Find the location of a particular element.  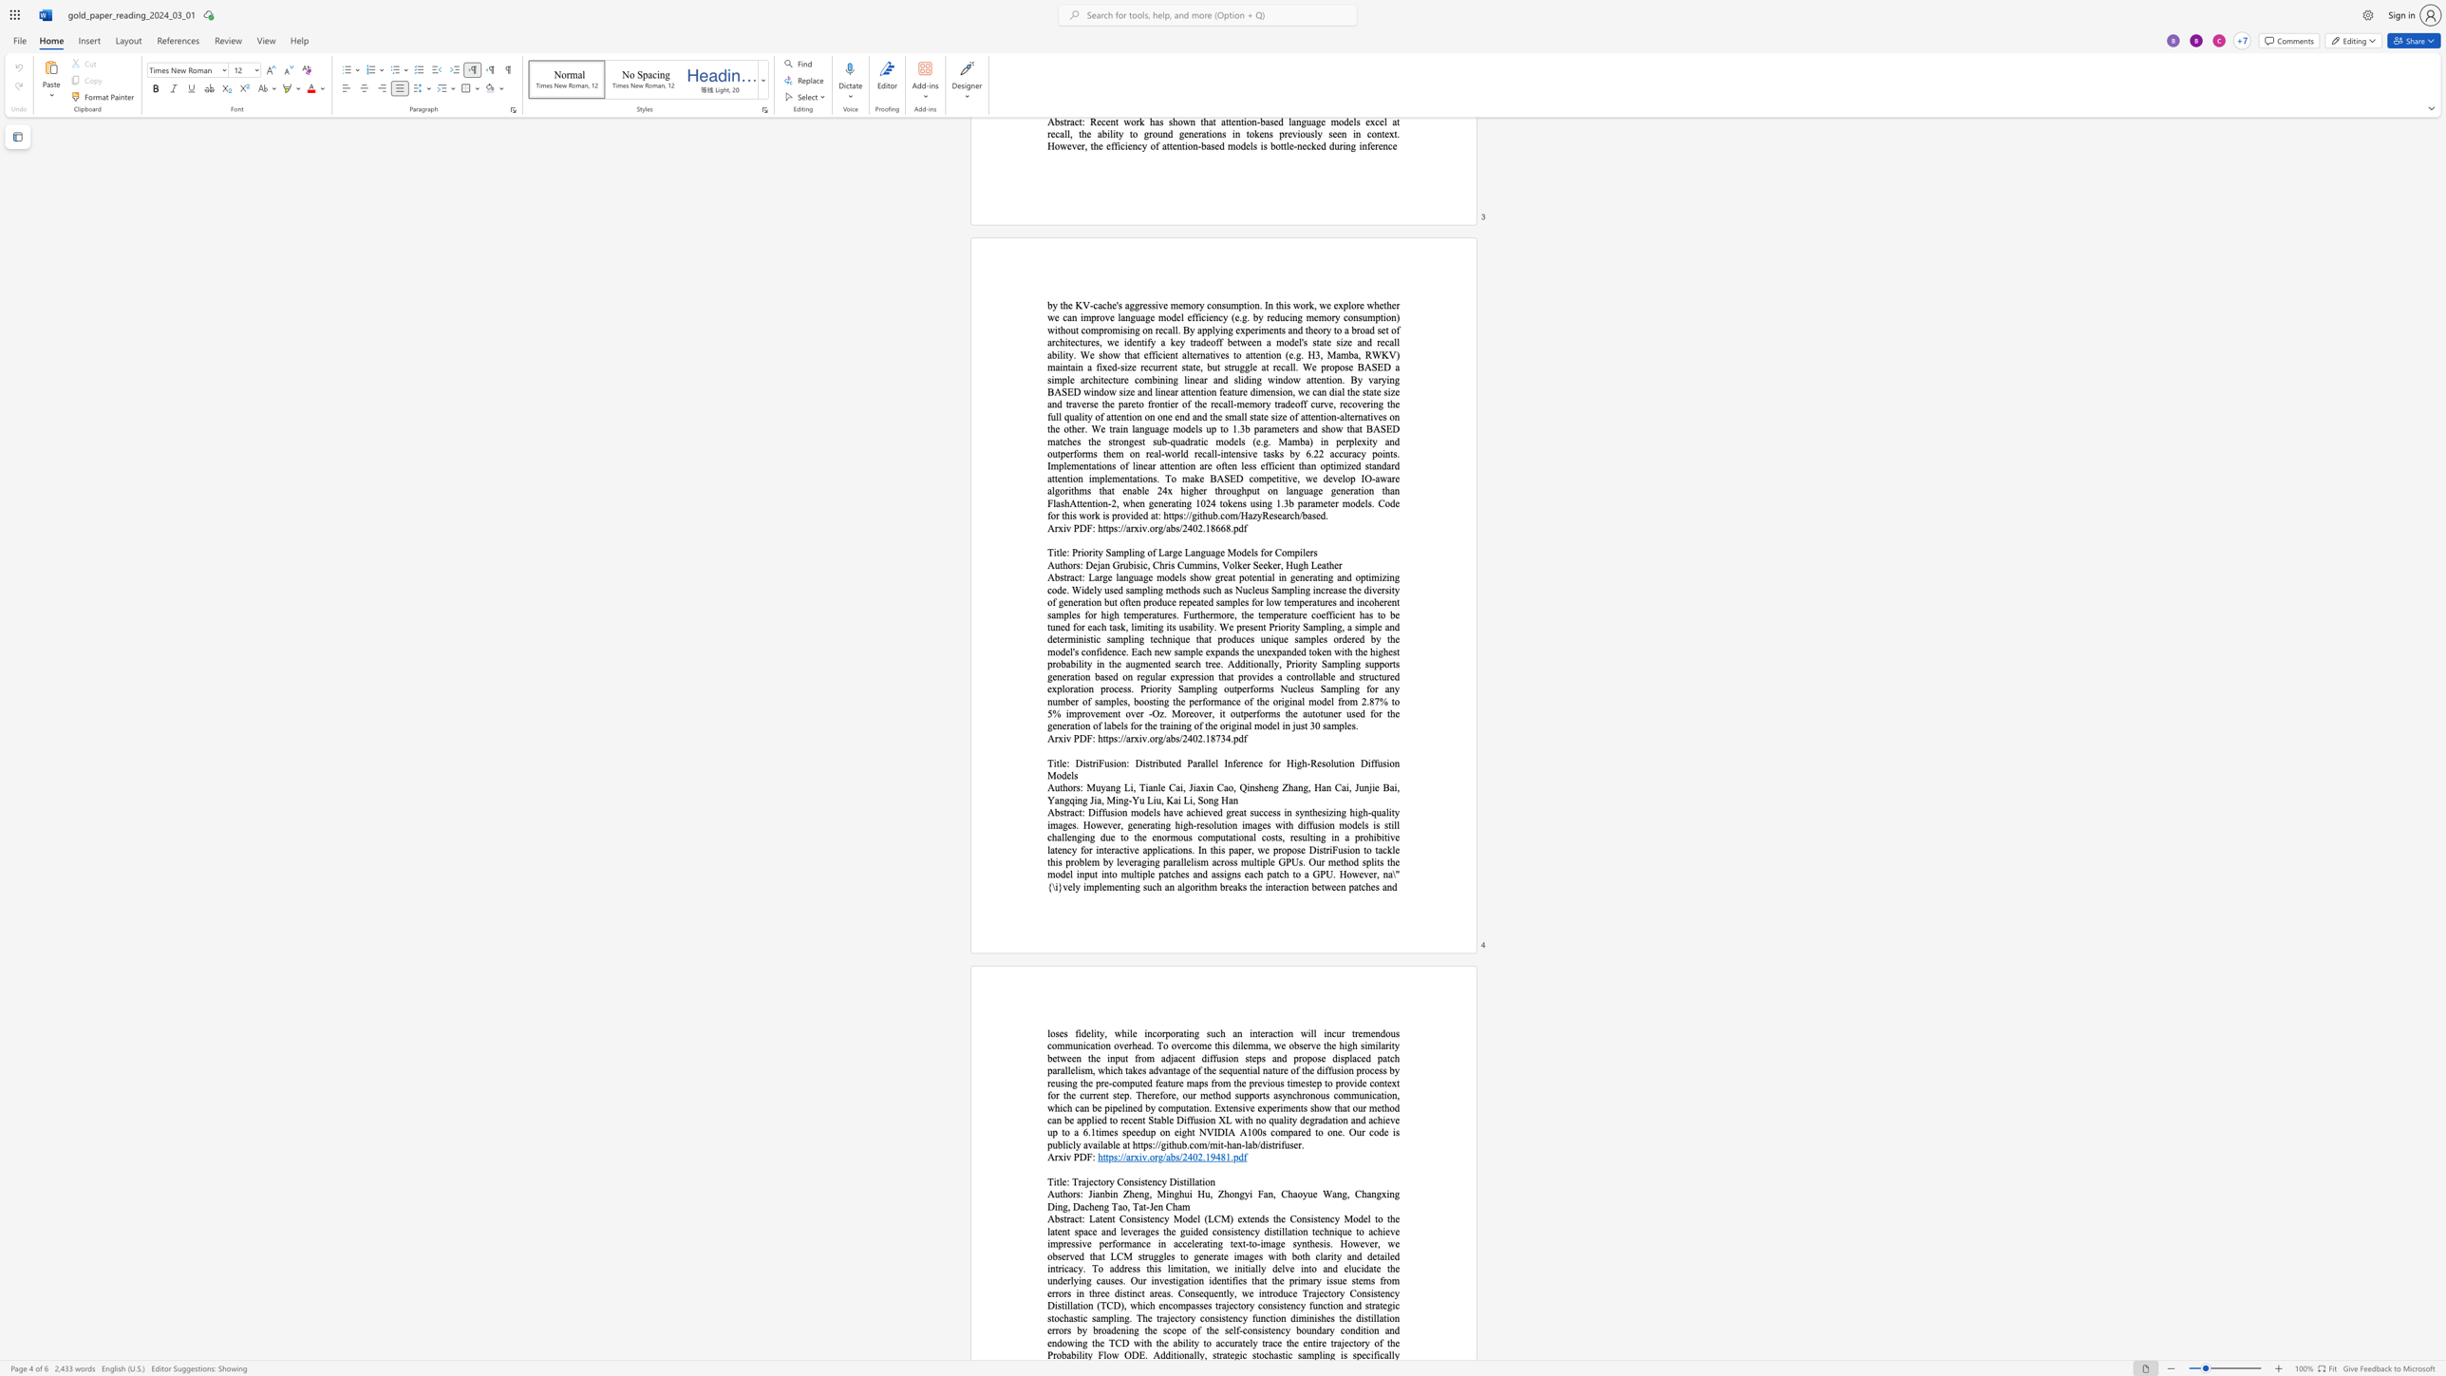

the space between the continuous character "a" and "c" in the text is located at coordinates (1073, 812).